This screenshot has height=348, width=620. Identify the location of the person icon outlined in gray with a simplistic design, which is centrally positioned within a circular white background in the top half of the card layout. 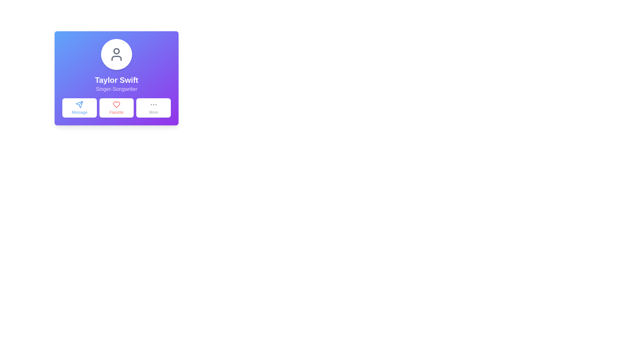
(116, 54).